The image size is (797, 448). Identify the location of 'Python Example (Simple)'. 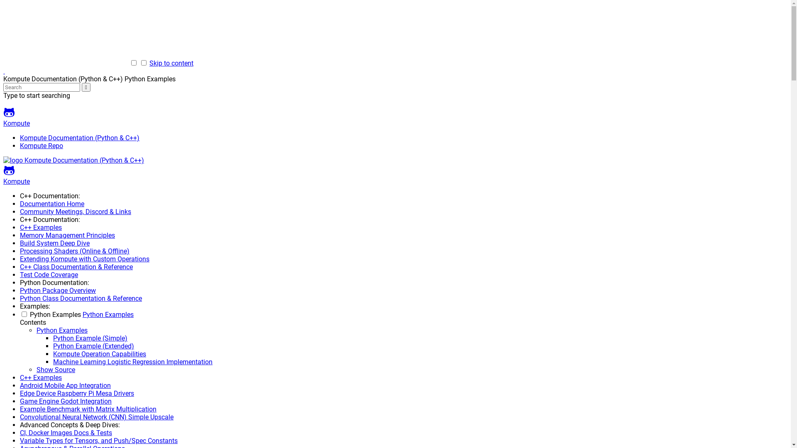
(90, 338).